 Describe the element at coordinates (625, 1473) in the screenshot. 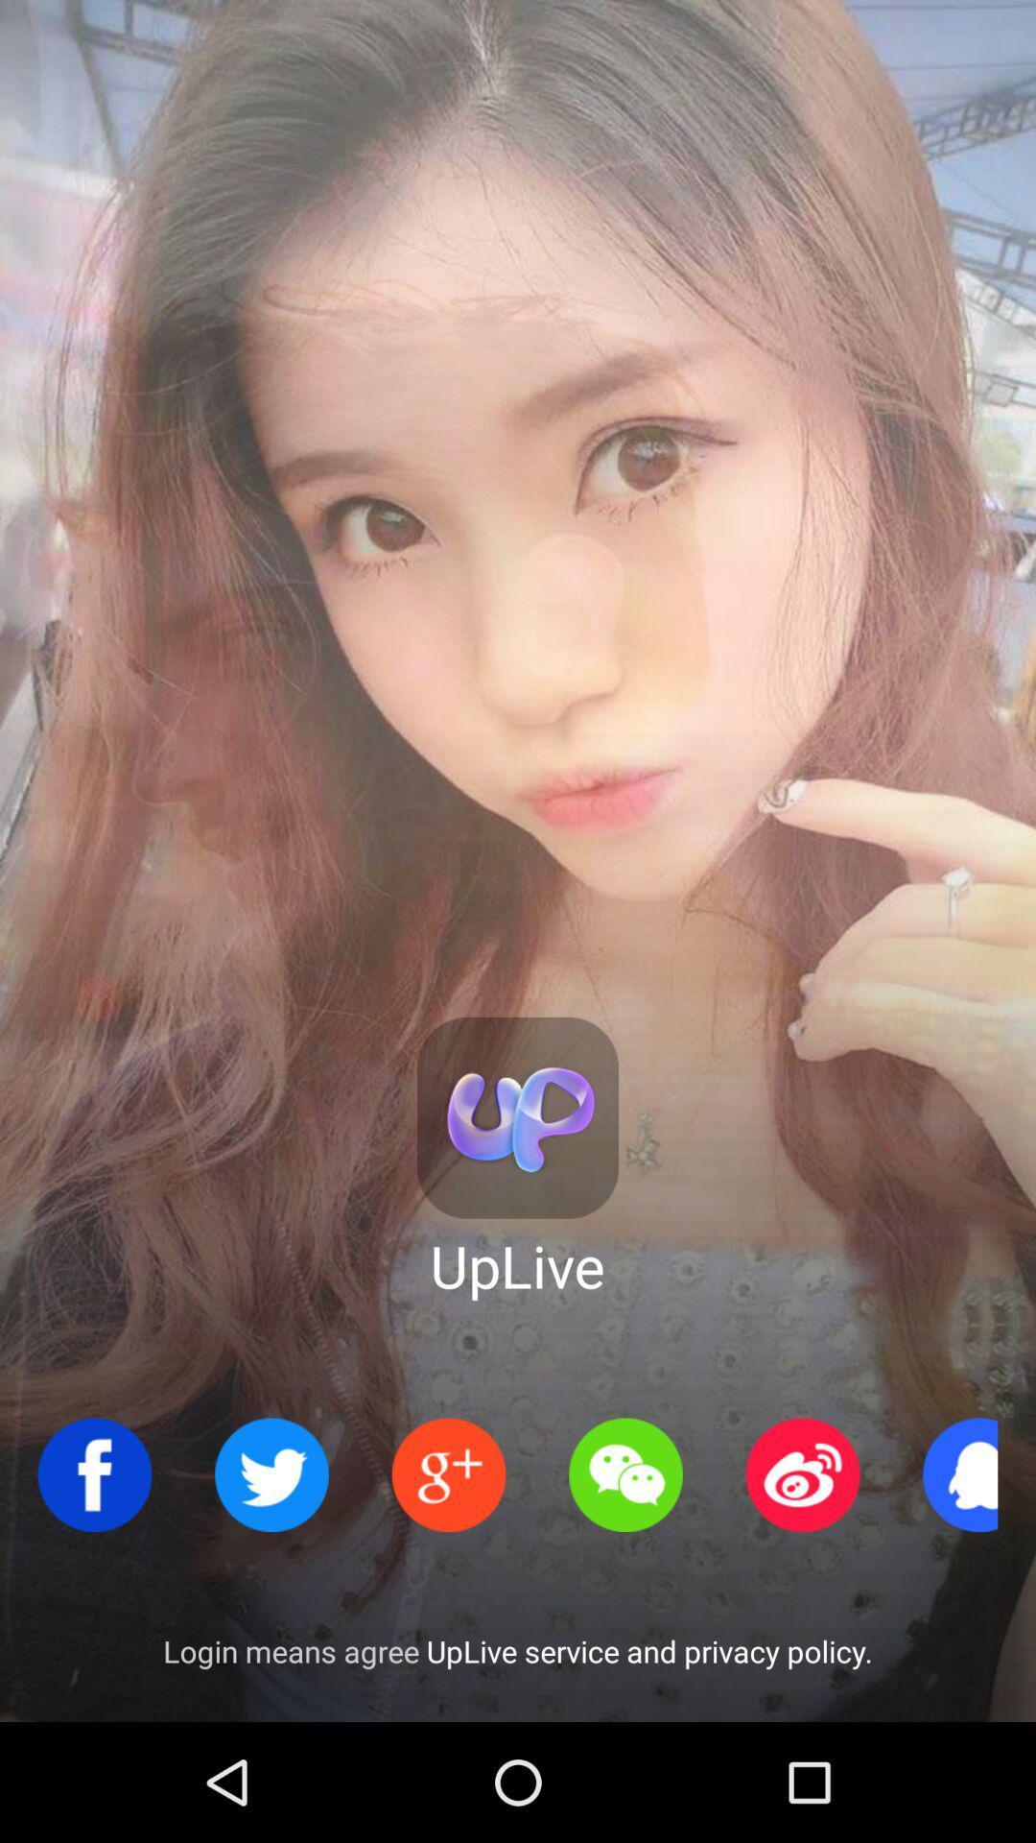

I see `the chat icon` at that location.